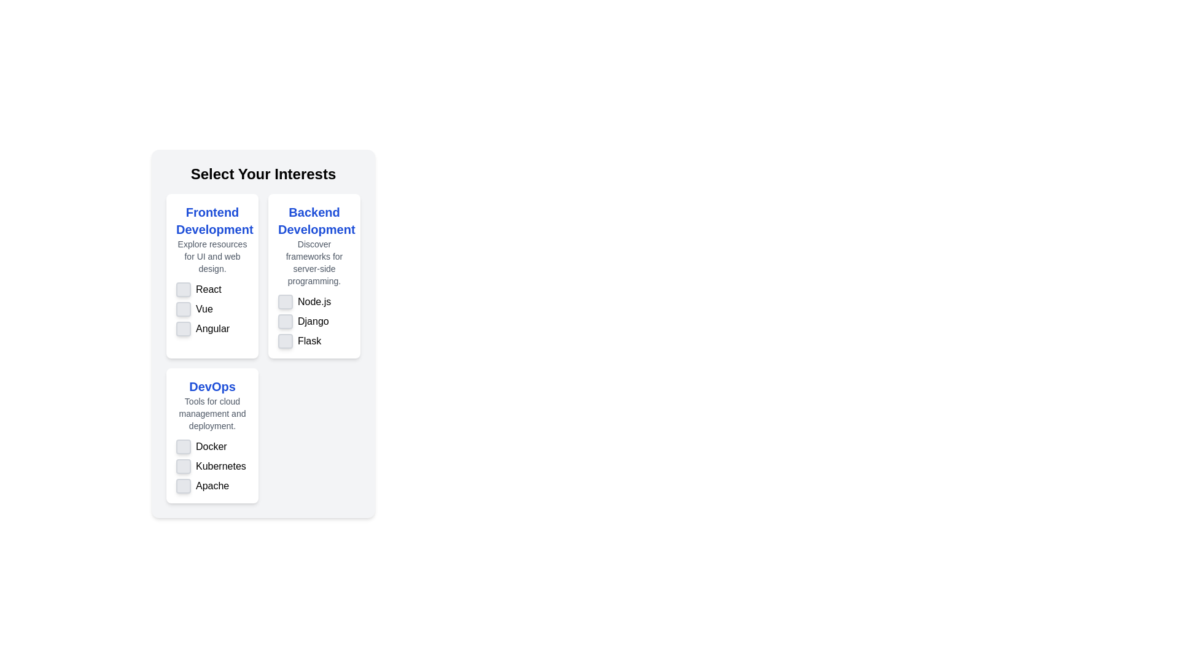 The width and height of the screenshot is (1179, 663). Describe the element at coordinates (212, 328) in the screenshot. I see `the label text for the checkbox item named 'Angular' located in the 'Frontend Development' section to trigger any potential hover effects` at that location.